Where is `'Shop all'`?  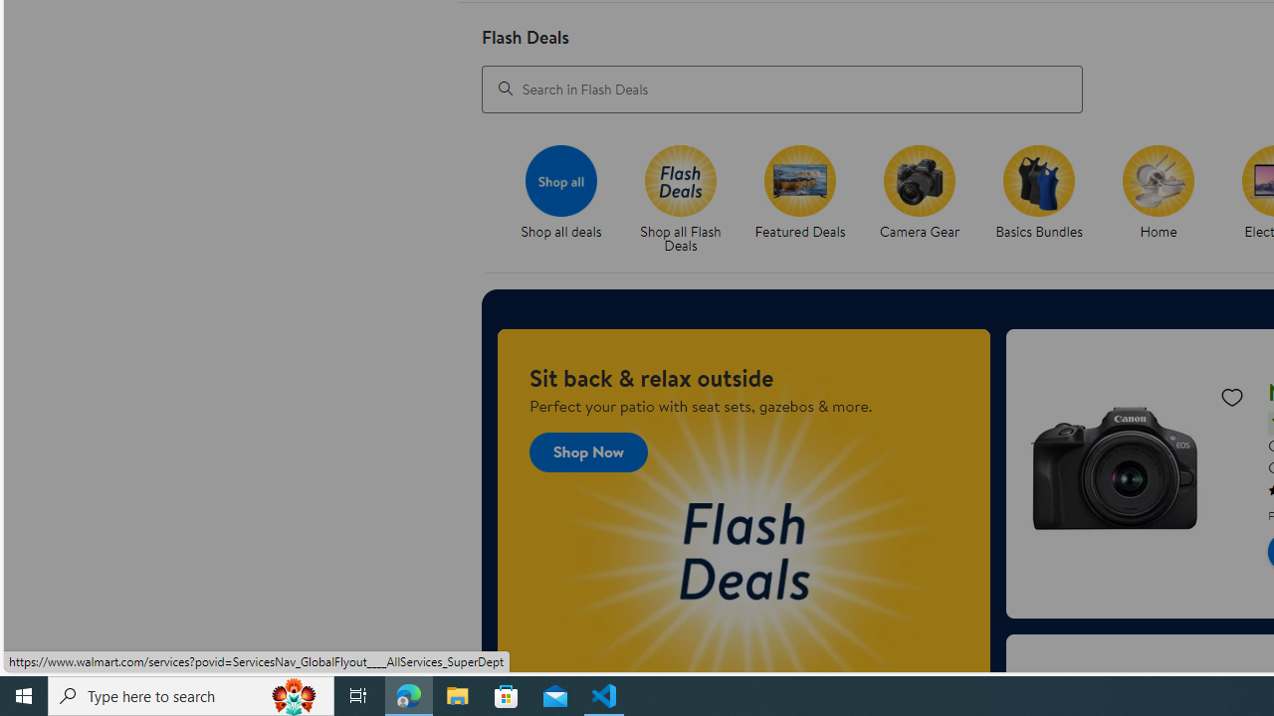 'Shop all' is located at coordinates (559, 180).